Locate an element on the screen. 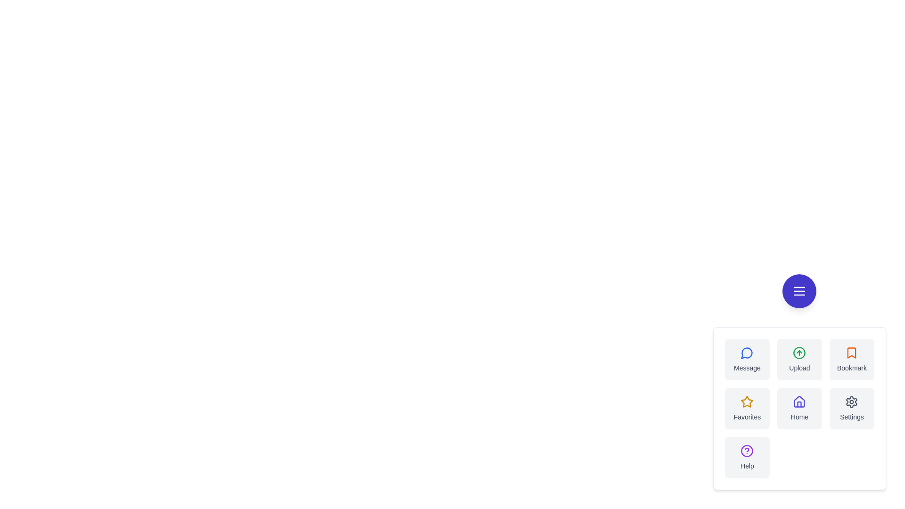  the Favorites button in the speed dial menu is located at coordinates (747, 408).